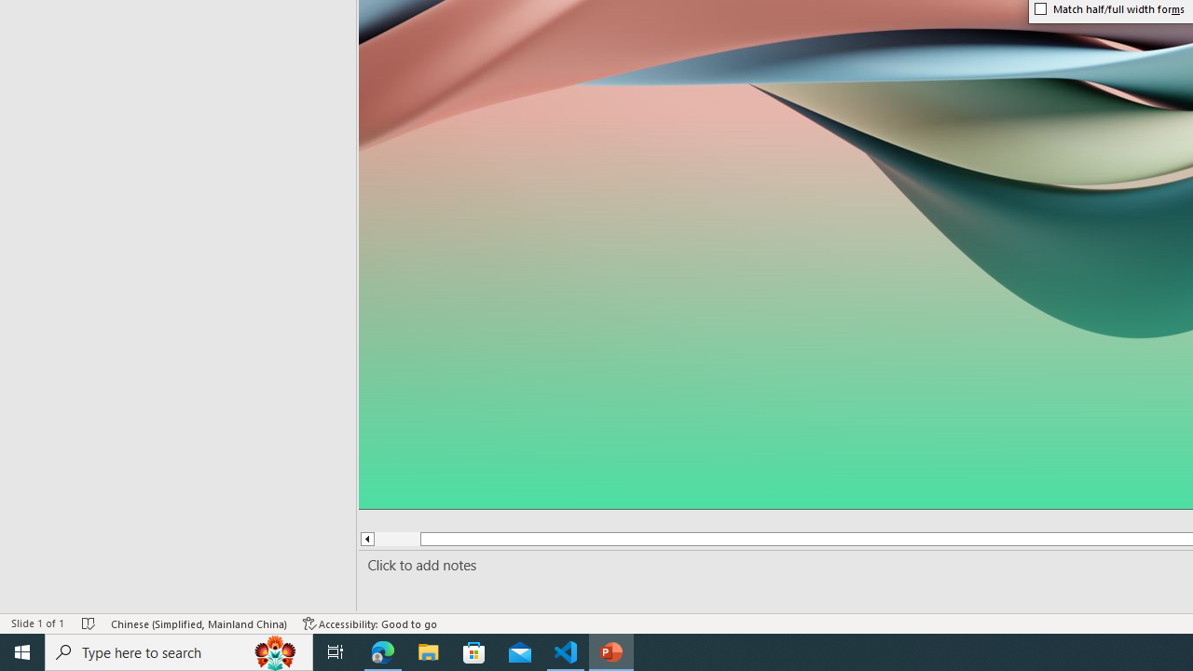  What do you see at coordinates (366, 539) in the screenshot?
I see `'Line up'` at bounding box center [366, 539].